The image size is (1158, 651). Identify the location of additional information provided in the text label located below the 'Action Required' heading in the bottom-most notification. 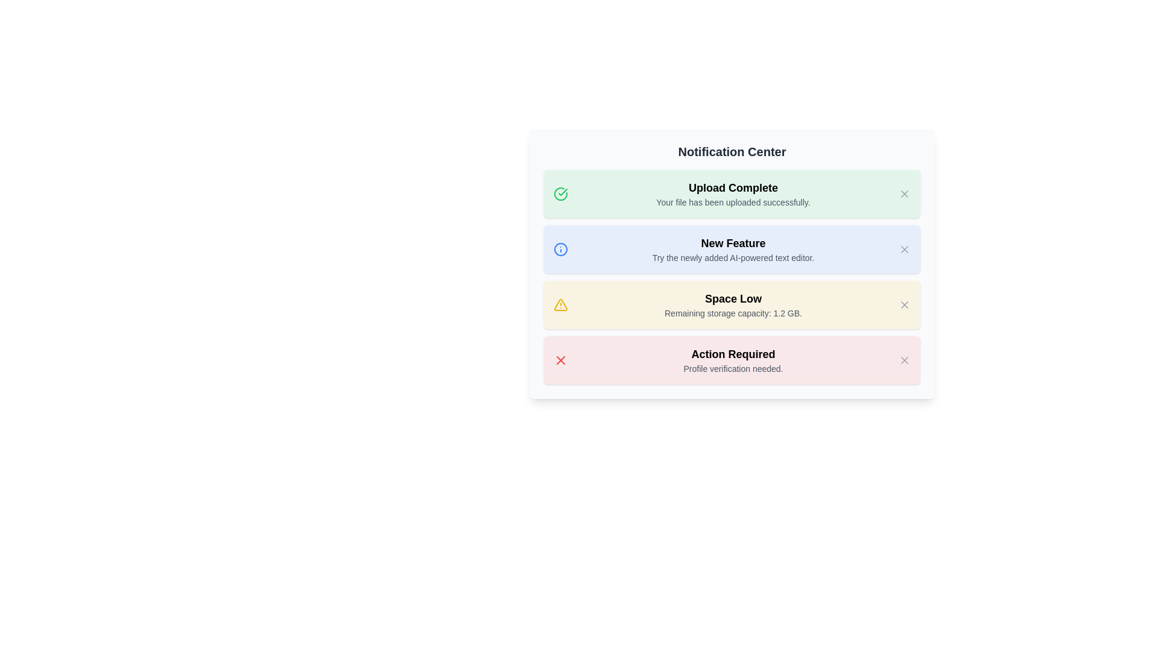
(732, 368).